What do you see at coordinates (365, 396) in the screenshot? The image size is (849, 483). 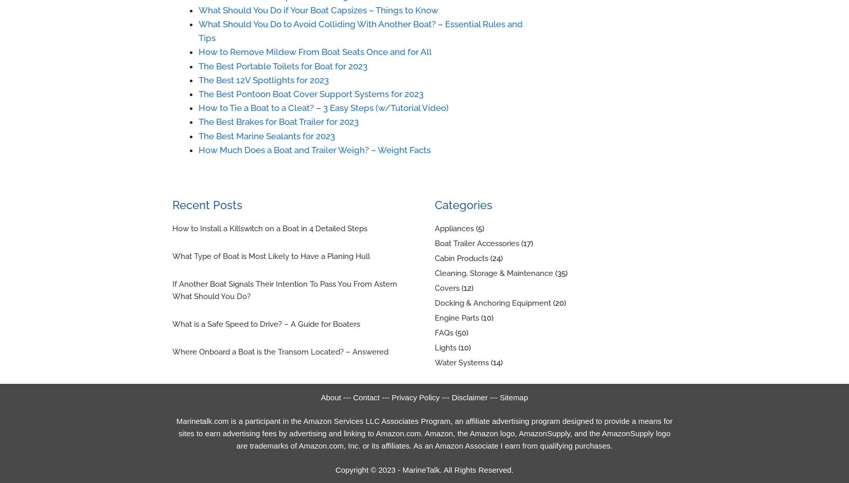 I see `'Contact'` at bounding box center [365, 396].